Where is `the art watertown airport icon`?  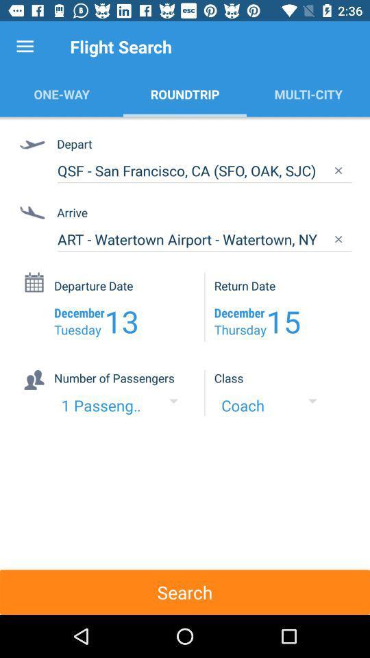 the art watertown airport icon is located at coordinates (203, 239).